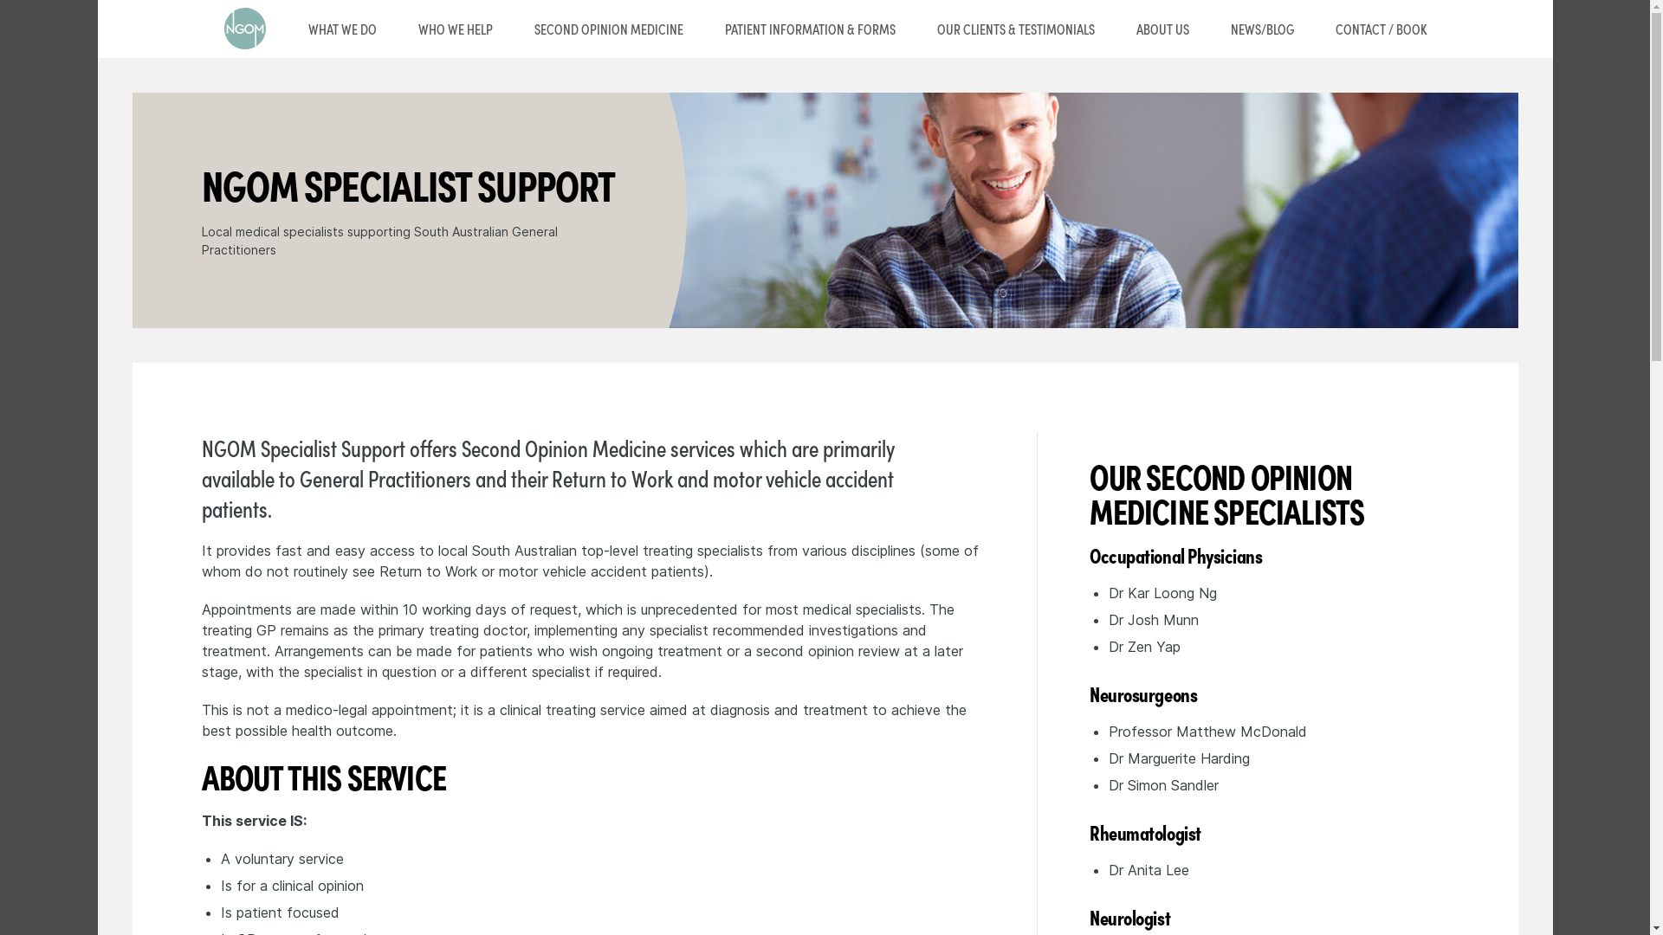 The width and height of the screenshot is (1663, 935). Describe the element at coordinates (342, 29) in the screenshot. I see `'WHAT WE DO'` at that location.